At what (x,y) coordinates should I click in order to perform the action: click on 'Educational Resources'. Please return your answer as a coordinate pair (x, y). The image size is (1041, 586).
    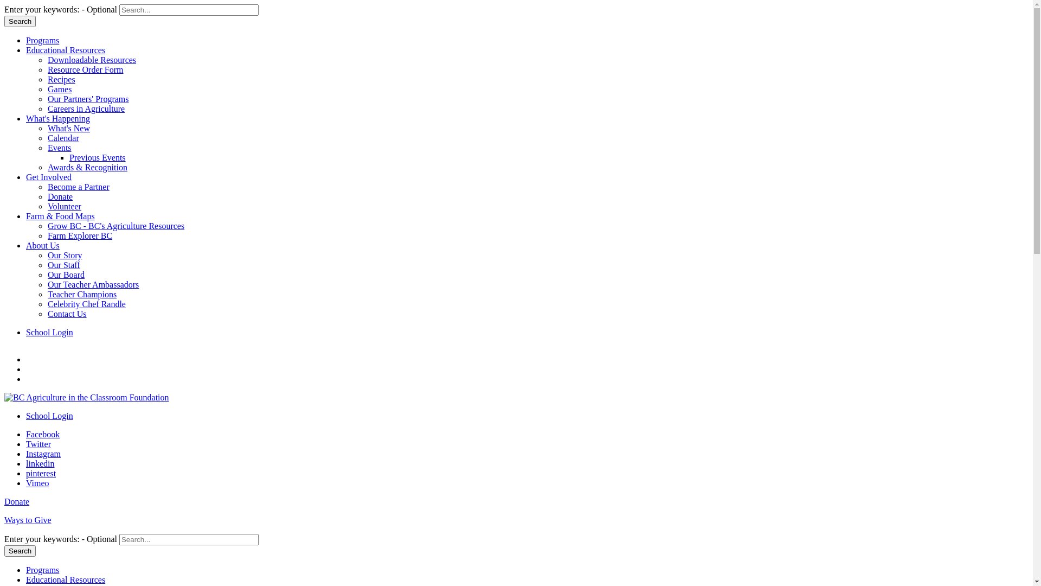
    Looking at the image, I should click on (65, 579).